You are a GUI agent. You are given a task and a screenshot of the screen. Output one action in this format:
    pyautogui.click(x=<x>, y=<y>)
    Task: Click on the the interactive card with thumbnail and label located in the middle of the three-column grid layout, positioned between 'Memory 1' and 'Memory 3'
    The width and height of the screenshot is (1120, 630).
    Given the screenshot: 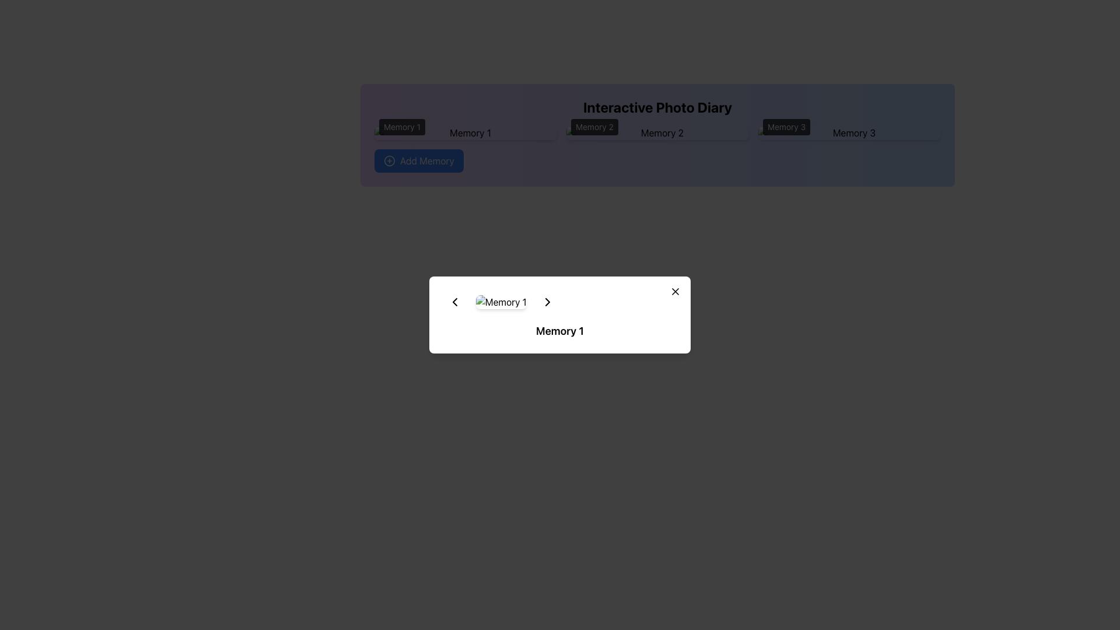 What is the action you would take?
    pyautogui.click(x=657, y=132)
    